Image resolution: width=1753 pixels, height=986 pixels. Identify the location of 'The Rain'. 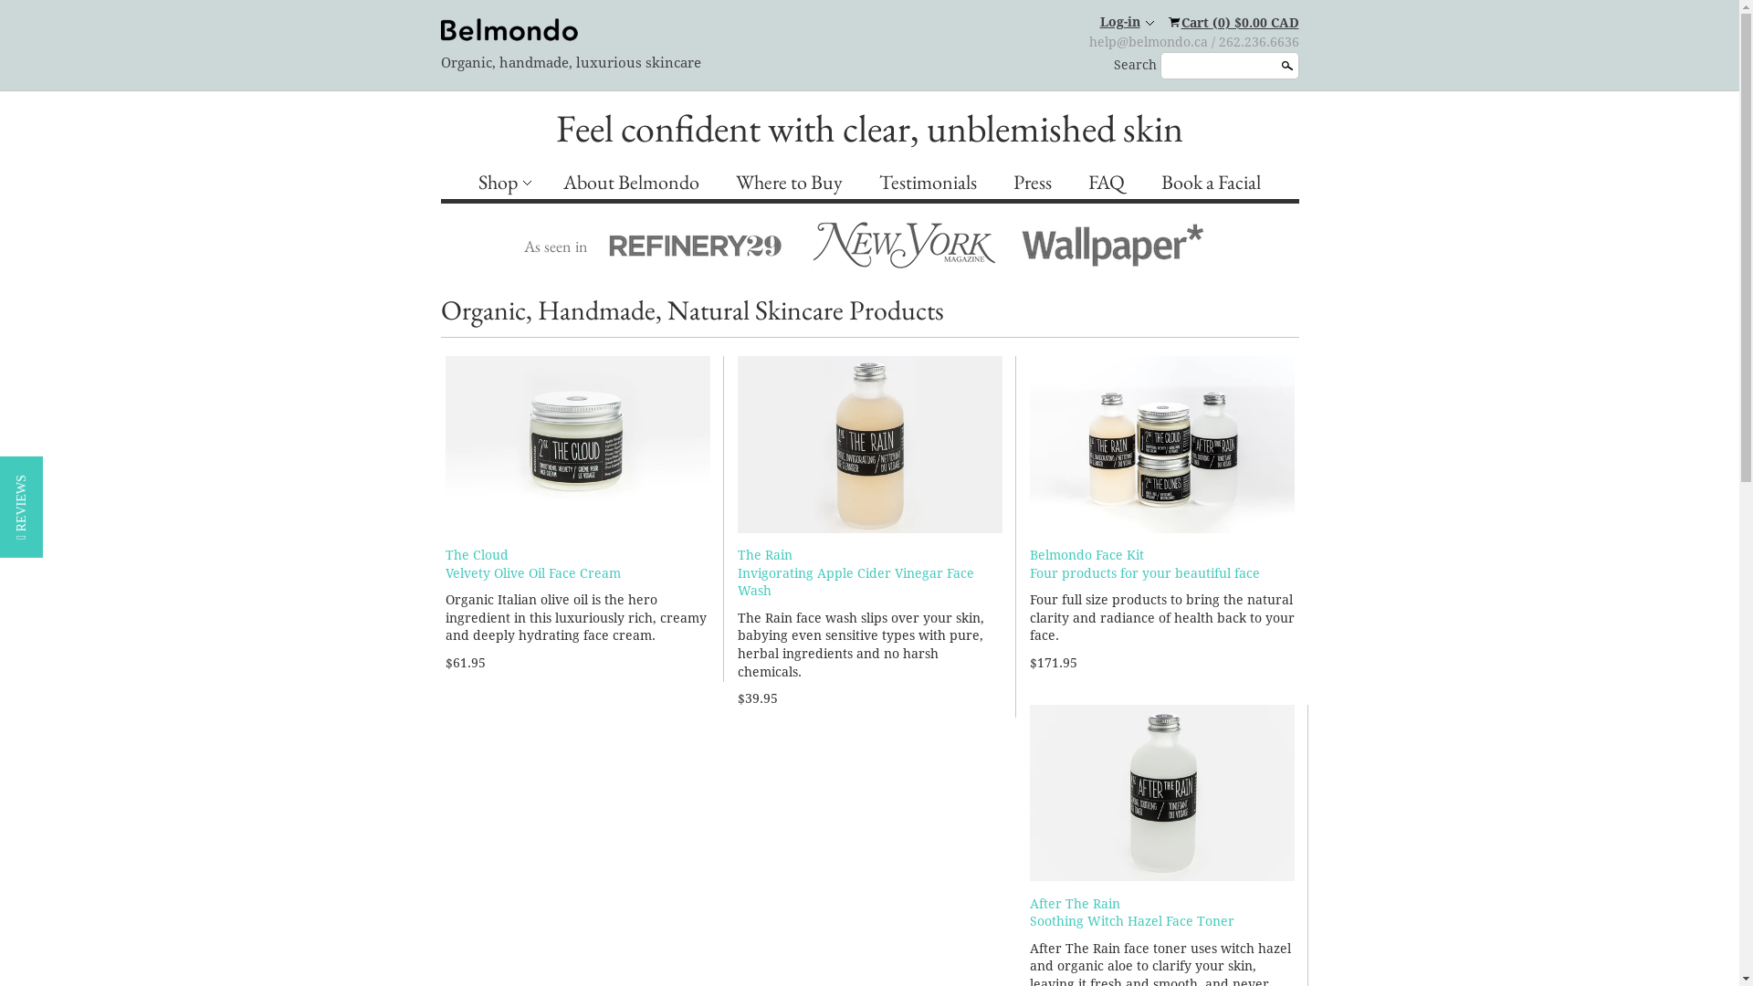
(765, 554).